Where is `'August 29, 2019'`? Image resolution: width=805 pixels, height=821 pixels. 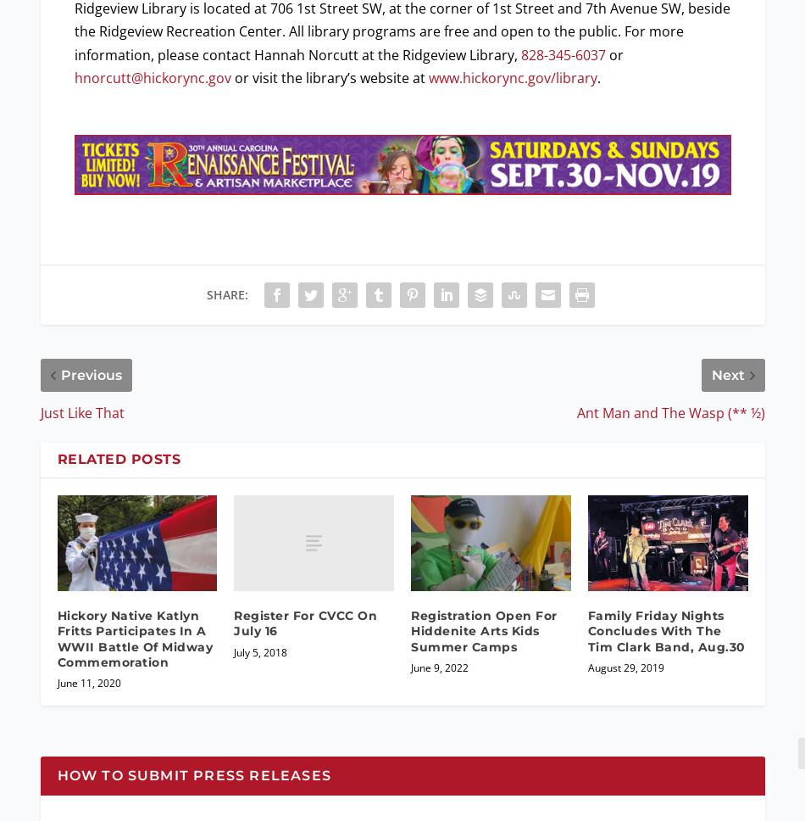 'August 29, 2019' is located at coordinates (624, 666).